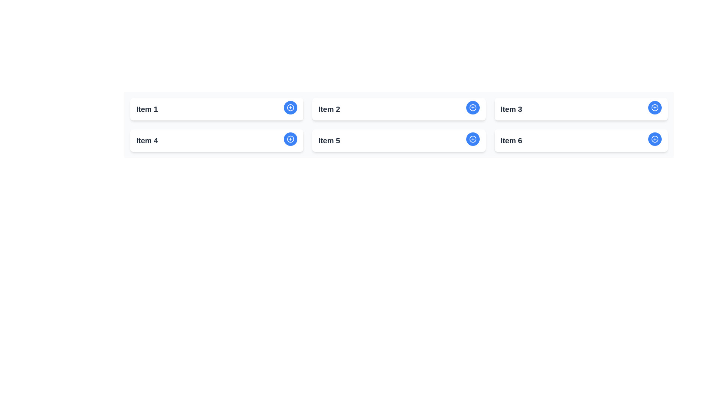 The image size is (719, 404). I want to click on the text label displaying 'Item 4' in bold, large-sized font and dark gray color, located in the second row as the leftmost label in a horizontally-aligned layout, so click(147, 140).